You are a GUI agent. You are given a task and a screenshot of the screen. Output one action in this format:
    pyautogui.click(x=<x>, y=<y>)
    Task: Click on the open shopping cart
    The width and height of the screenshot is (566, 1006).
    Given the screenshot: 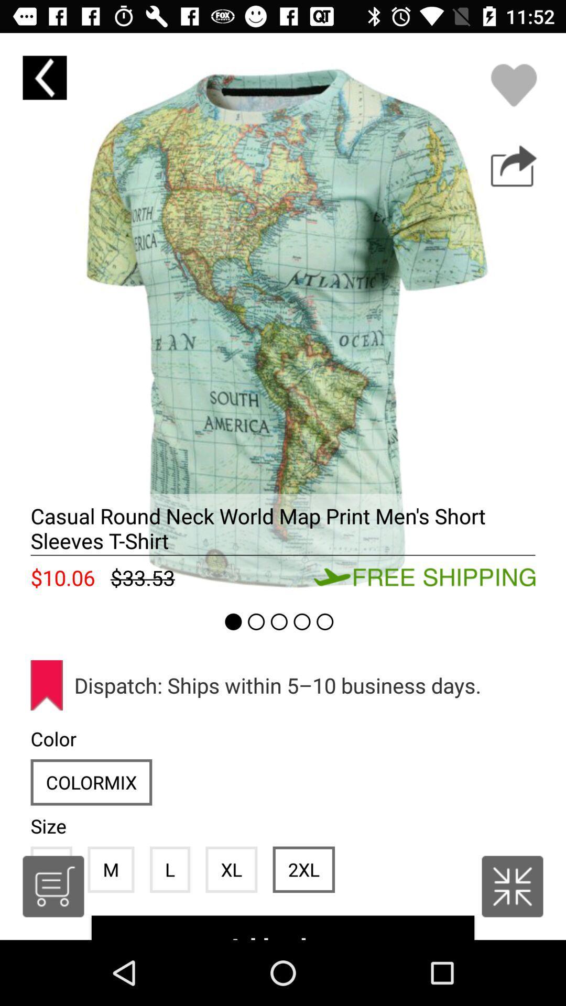 What is the action you would take?
    pyautogui.click(x=53, y=886)
    